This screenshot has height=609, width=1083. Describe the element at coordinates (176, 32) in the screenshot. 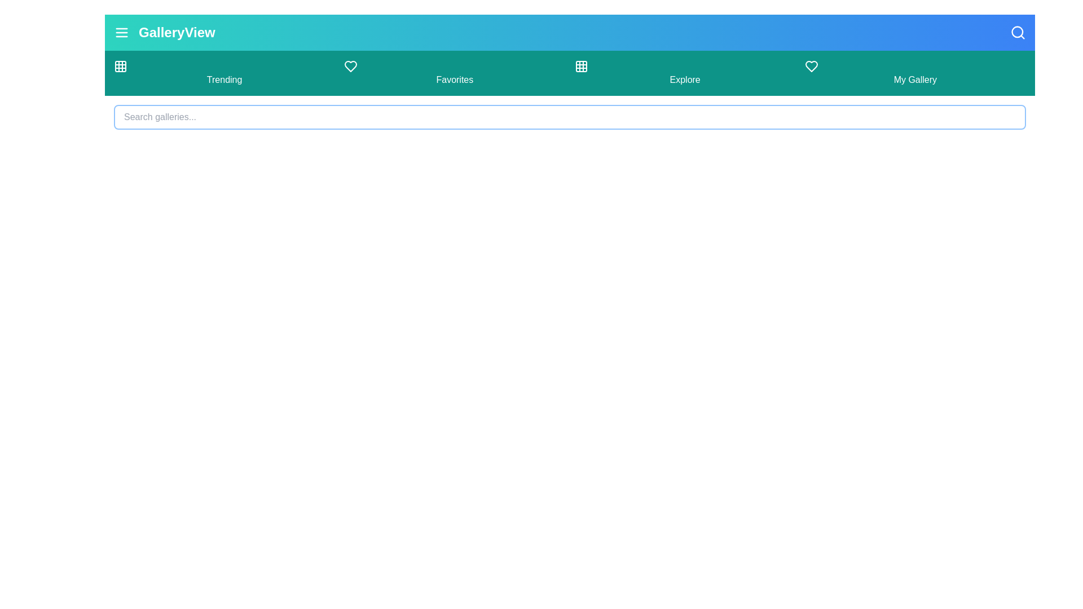

I see `the 'GalleryView' header text` at that location.